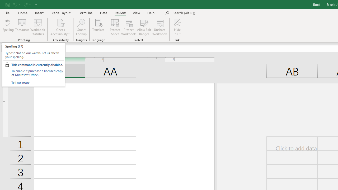 This screenshot has width=338, height=190. Describe the element at coordinates (81, 27) in the screenshot. I see `'Smart Lookup'` at that location.